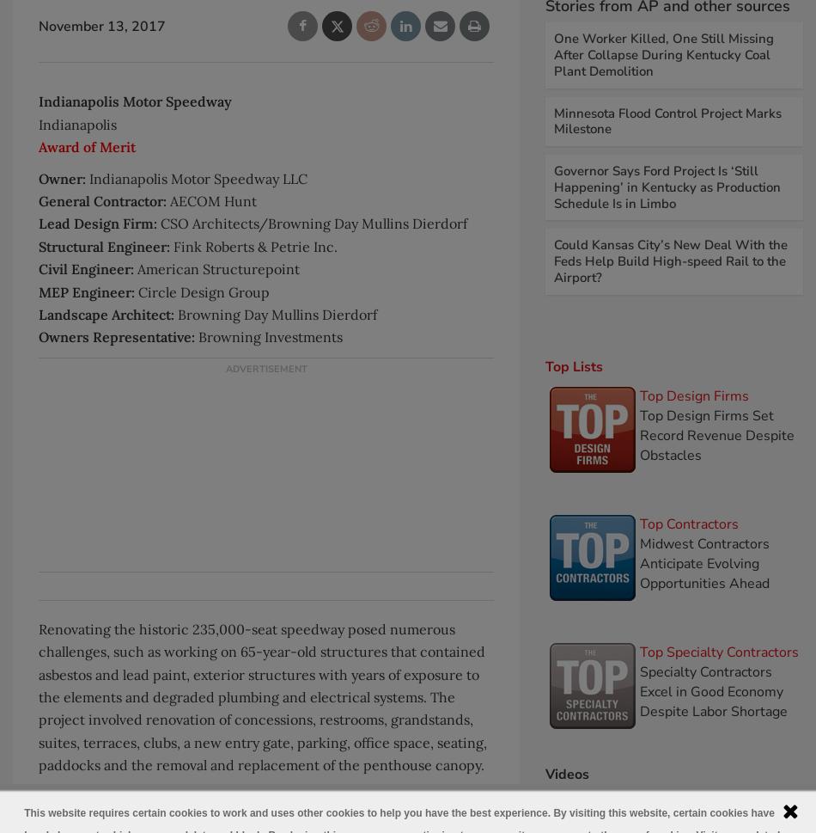 This screenshot has height=833, width=816. Describe the element at coordinates (663, 53) in the screenshot. I see `'One Worker Killed, One Still Missing After Collapse During Kentucky Coal Plant Demolition'` at that location.